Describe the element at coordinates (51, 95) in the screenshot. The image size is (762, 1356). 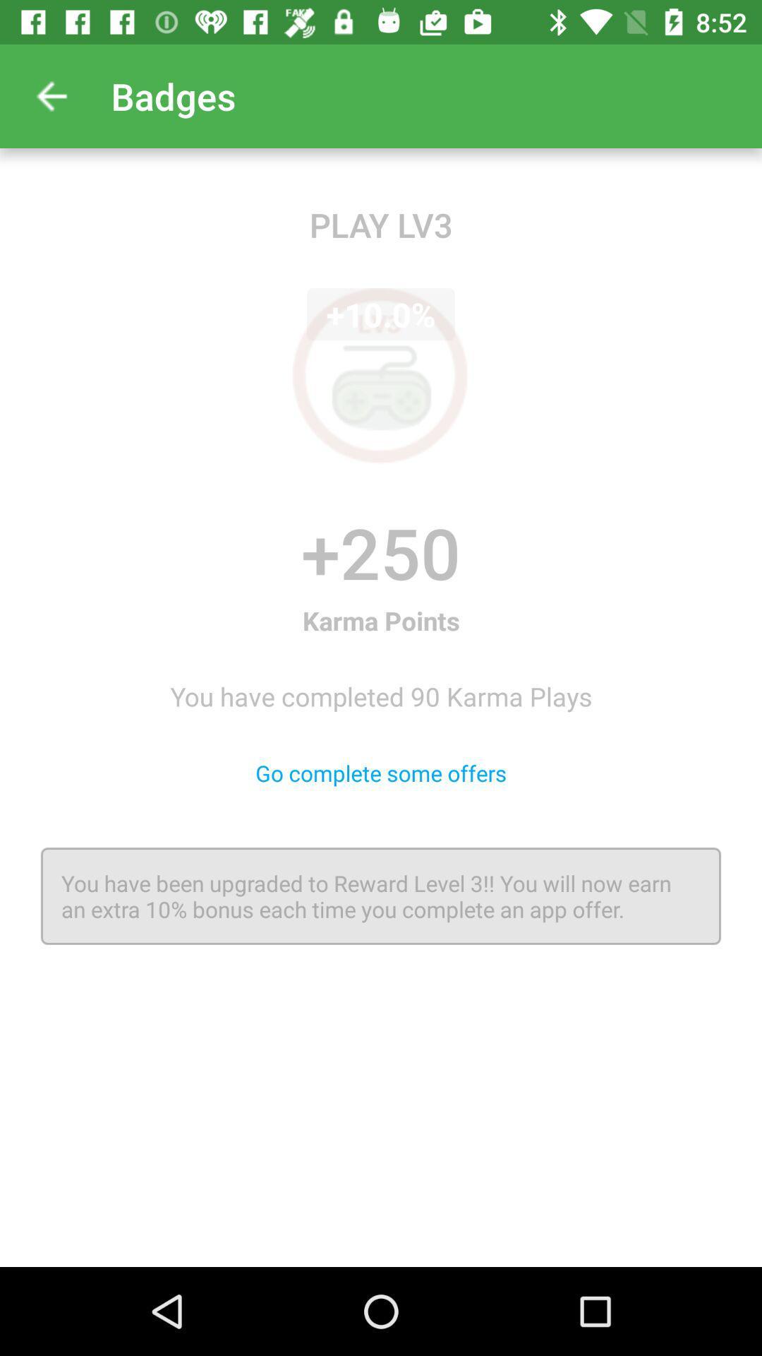
I see `the app next to badges` at that location.